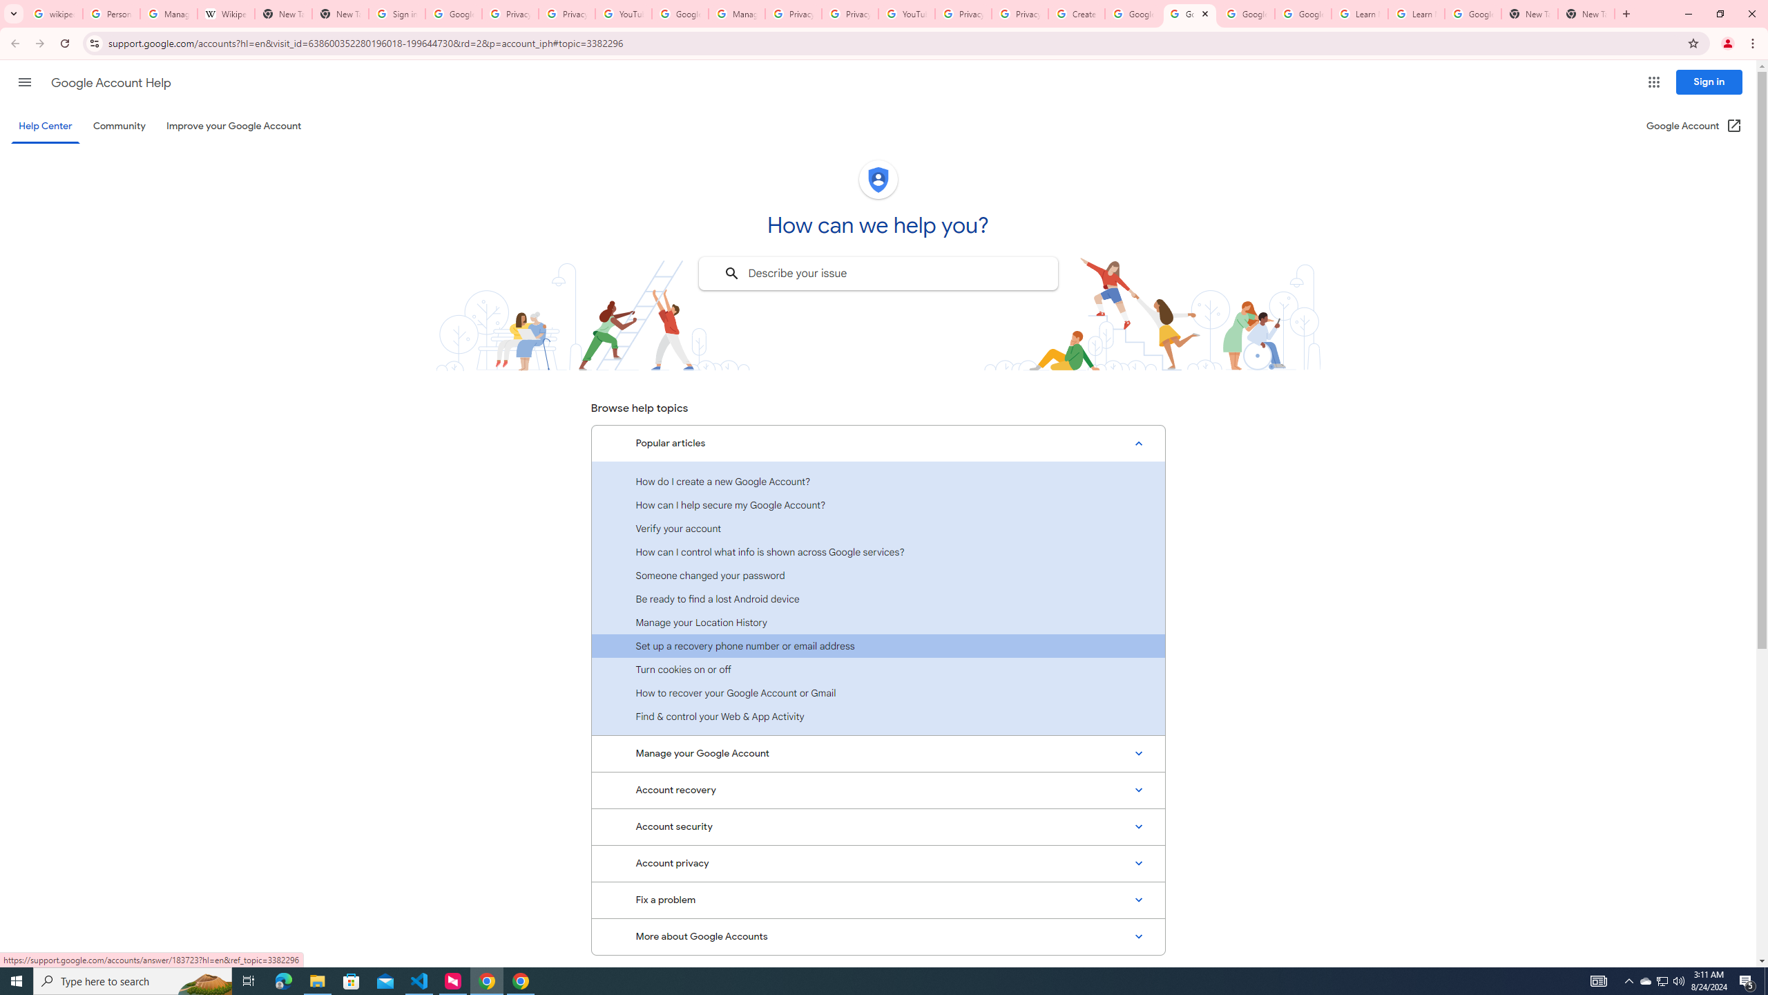  Describe the element at coordinates (1586, 13) in the screenshot. I see `'New Tab'` at that location.